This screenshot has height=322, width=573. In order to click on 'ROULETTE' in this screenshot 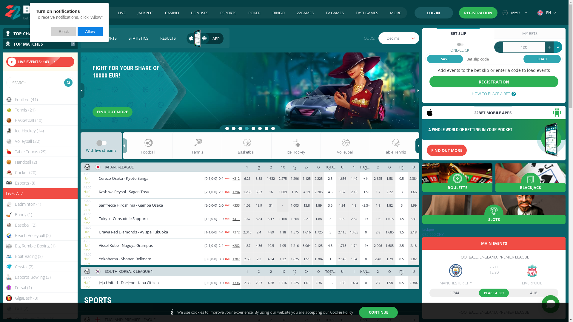, I will do `click(422, 177)`.